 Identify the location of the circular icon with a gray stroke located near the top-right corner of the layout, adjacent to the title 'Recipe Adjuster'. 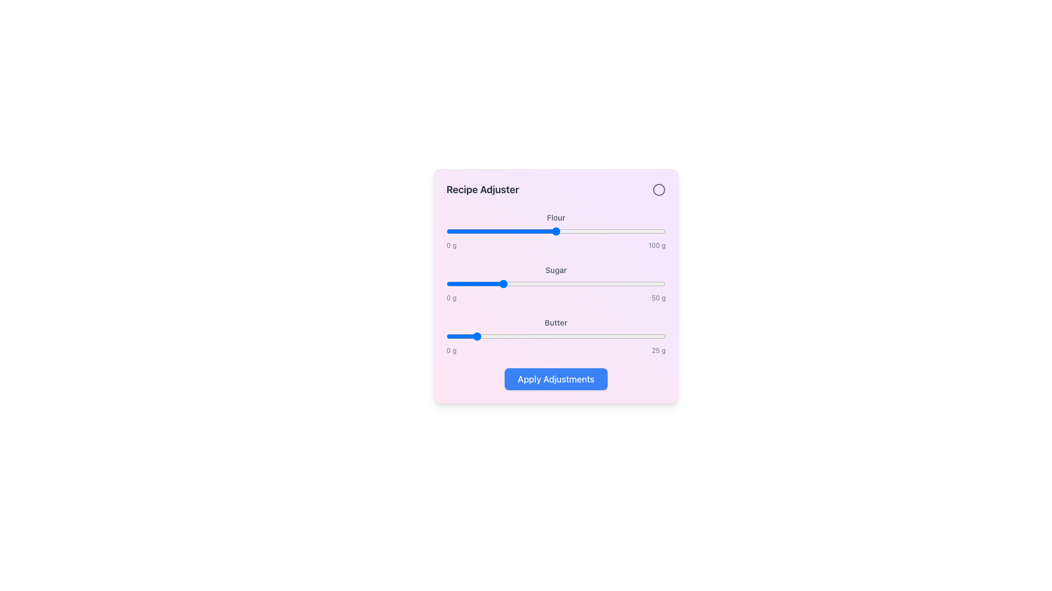
(659, 189).